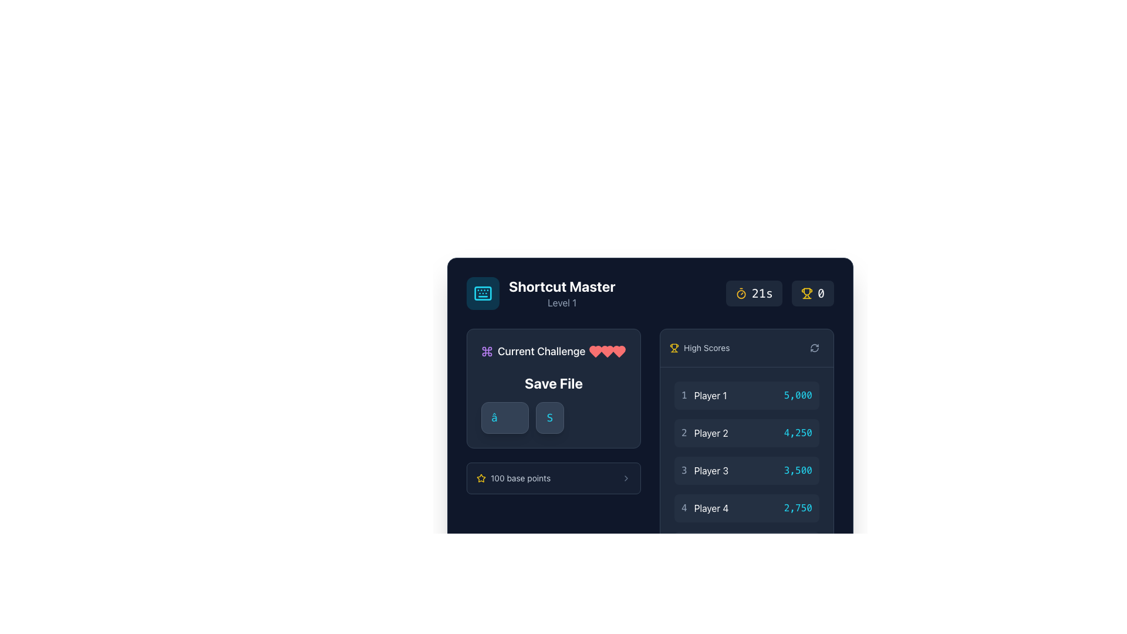 The height and width of the screenshot is (634, 1127). What do you see at coordinates (561, 302) in the screenshot?
I see `the 'Level 1' text label, which is displayed in slate-gray color and positioned below the 'Shortcut Master' title within the card-like section` at bounding box center [561, 302].